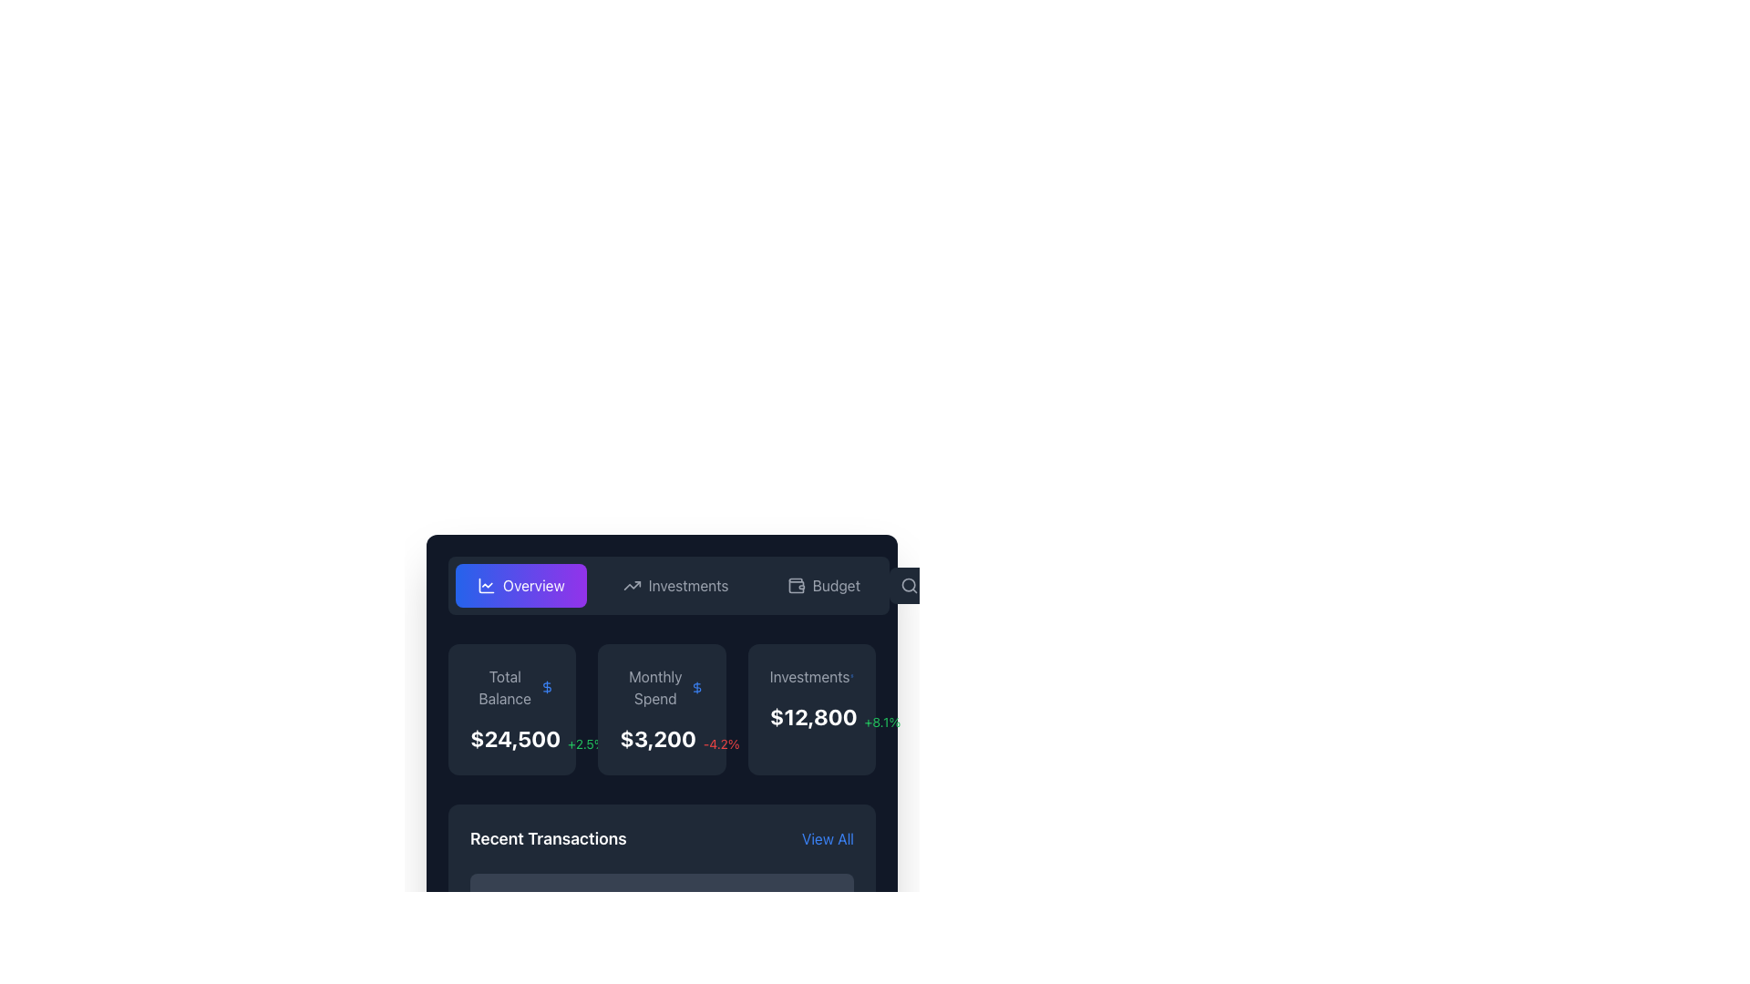 This screenshot has height=984, width=1750. I want to click on the decorative financial icon located in the header section of the 'Monthly Spend' summary card, positioned to the right of the text label 'Monthly Spend' and above the numerical value '$3,200', so click(696, 688).